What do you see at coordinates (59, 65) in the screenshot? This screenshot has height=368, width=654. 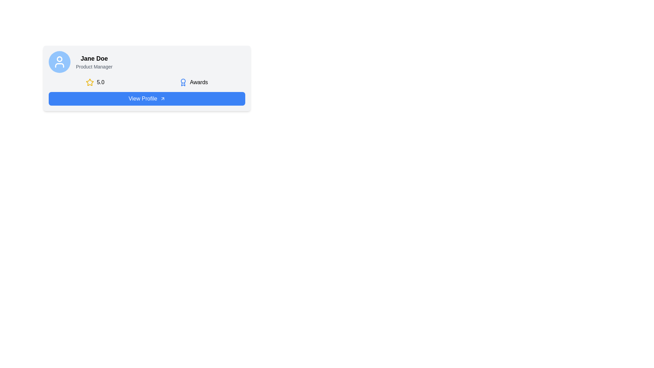 I see `the semi-circular icon component within the user avatar, which is outlined in white and located at the top left of the profile section` at bounding box center [59, 65].